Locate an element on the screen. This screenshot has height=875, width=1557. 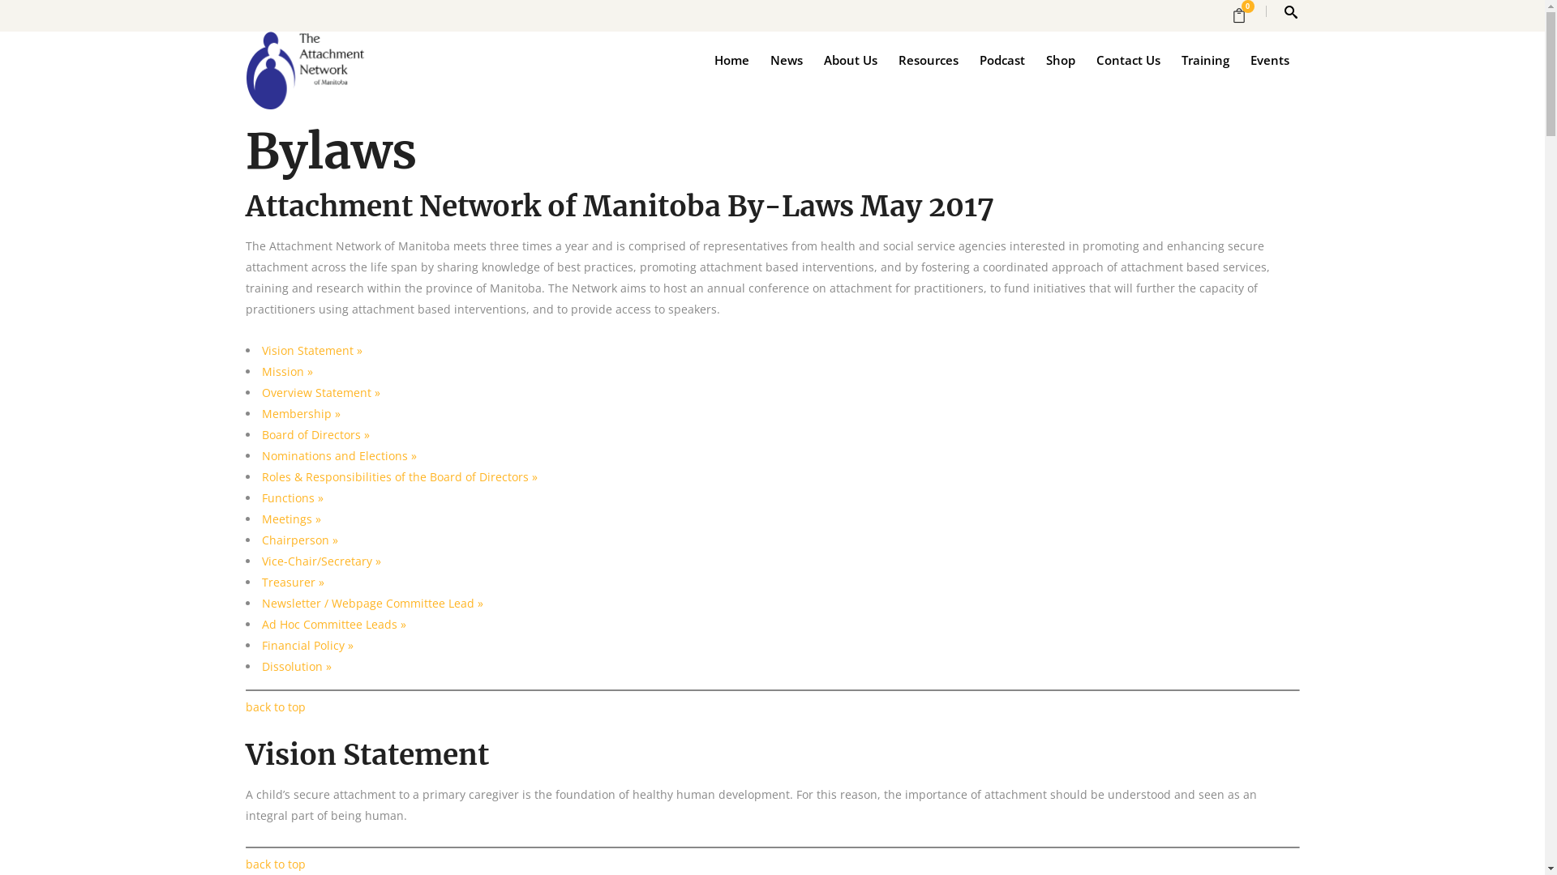
'Podcast' is located at coordinates (1000, 58).